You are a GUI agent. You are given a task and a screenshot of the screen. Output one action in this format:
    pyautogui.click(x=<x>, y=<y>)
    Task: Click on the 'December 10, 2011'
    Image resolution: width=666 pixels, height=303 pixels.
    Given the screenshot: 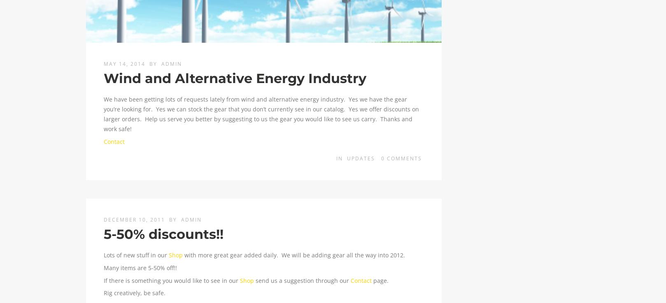 What is the action you would take?
    pyautogui.click(x=103, y=219)
    